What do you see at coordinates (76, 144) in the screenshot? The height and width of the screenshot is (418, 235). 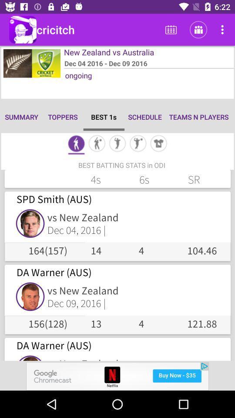 I see `batting schedule` at bounding box center [76, 144].